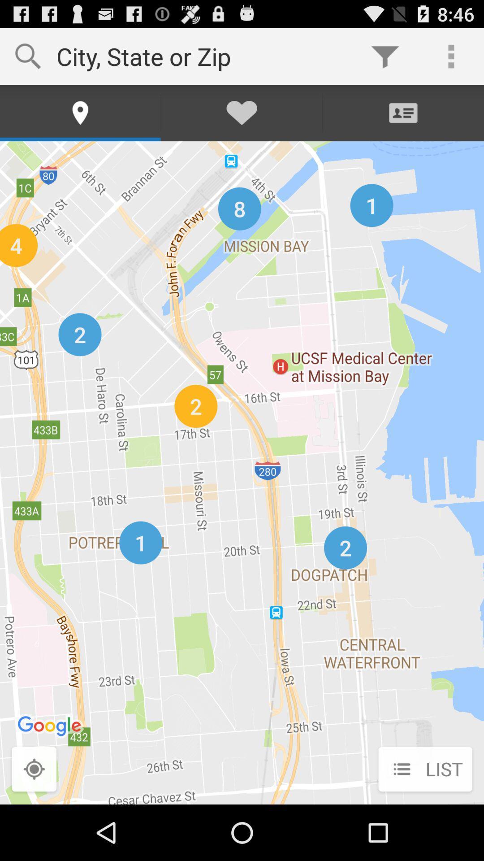 This screenshot has height=861, width=484. I want to click on item to the right of city state or app, so click(385, 56).